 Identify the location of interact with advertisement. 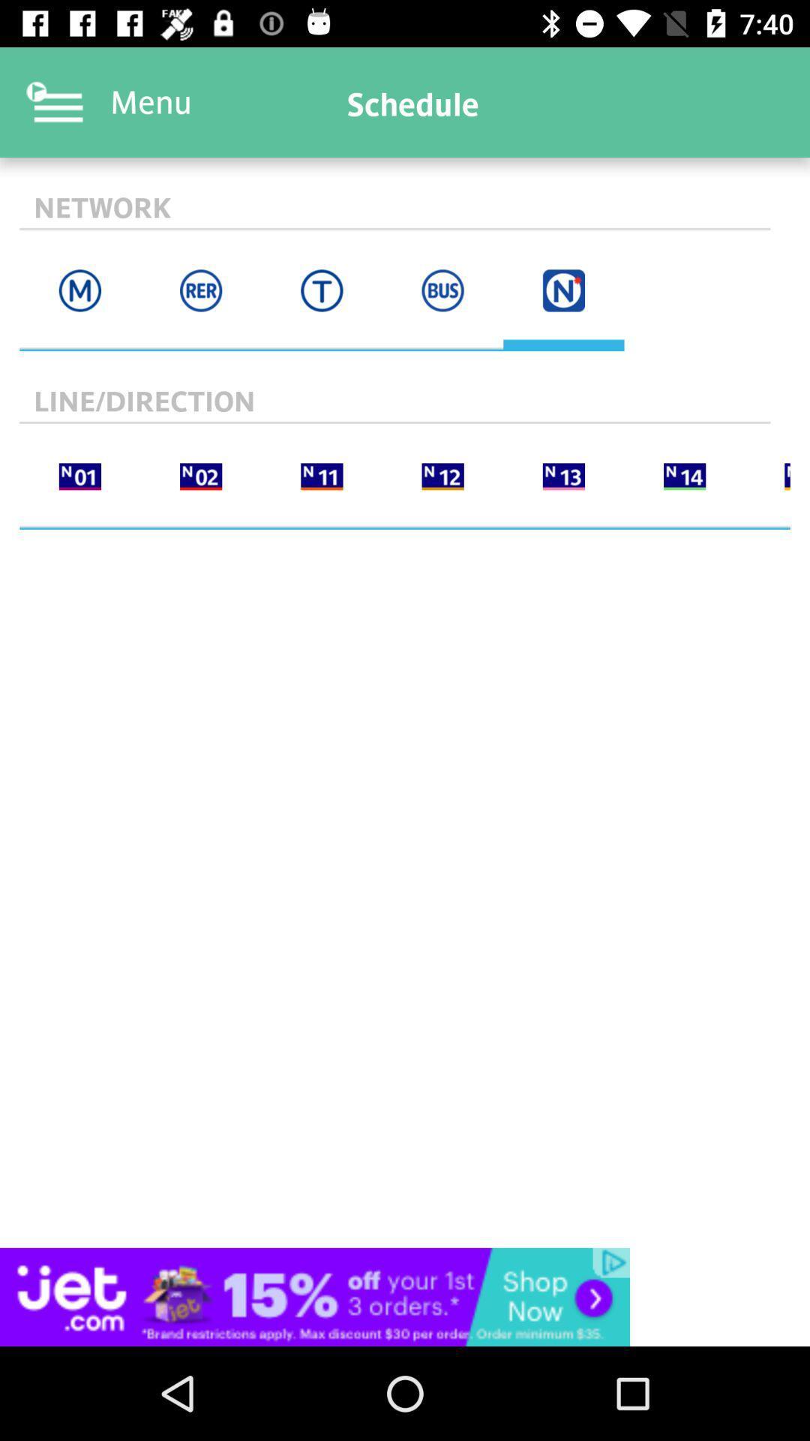
(405, 1296).